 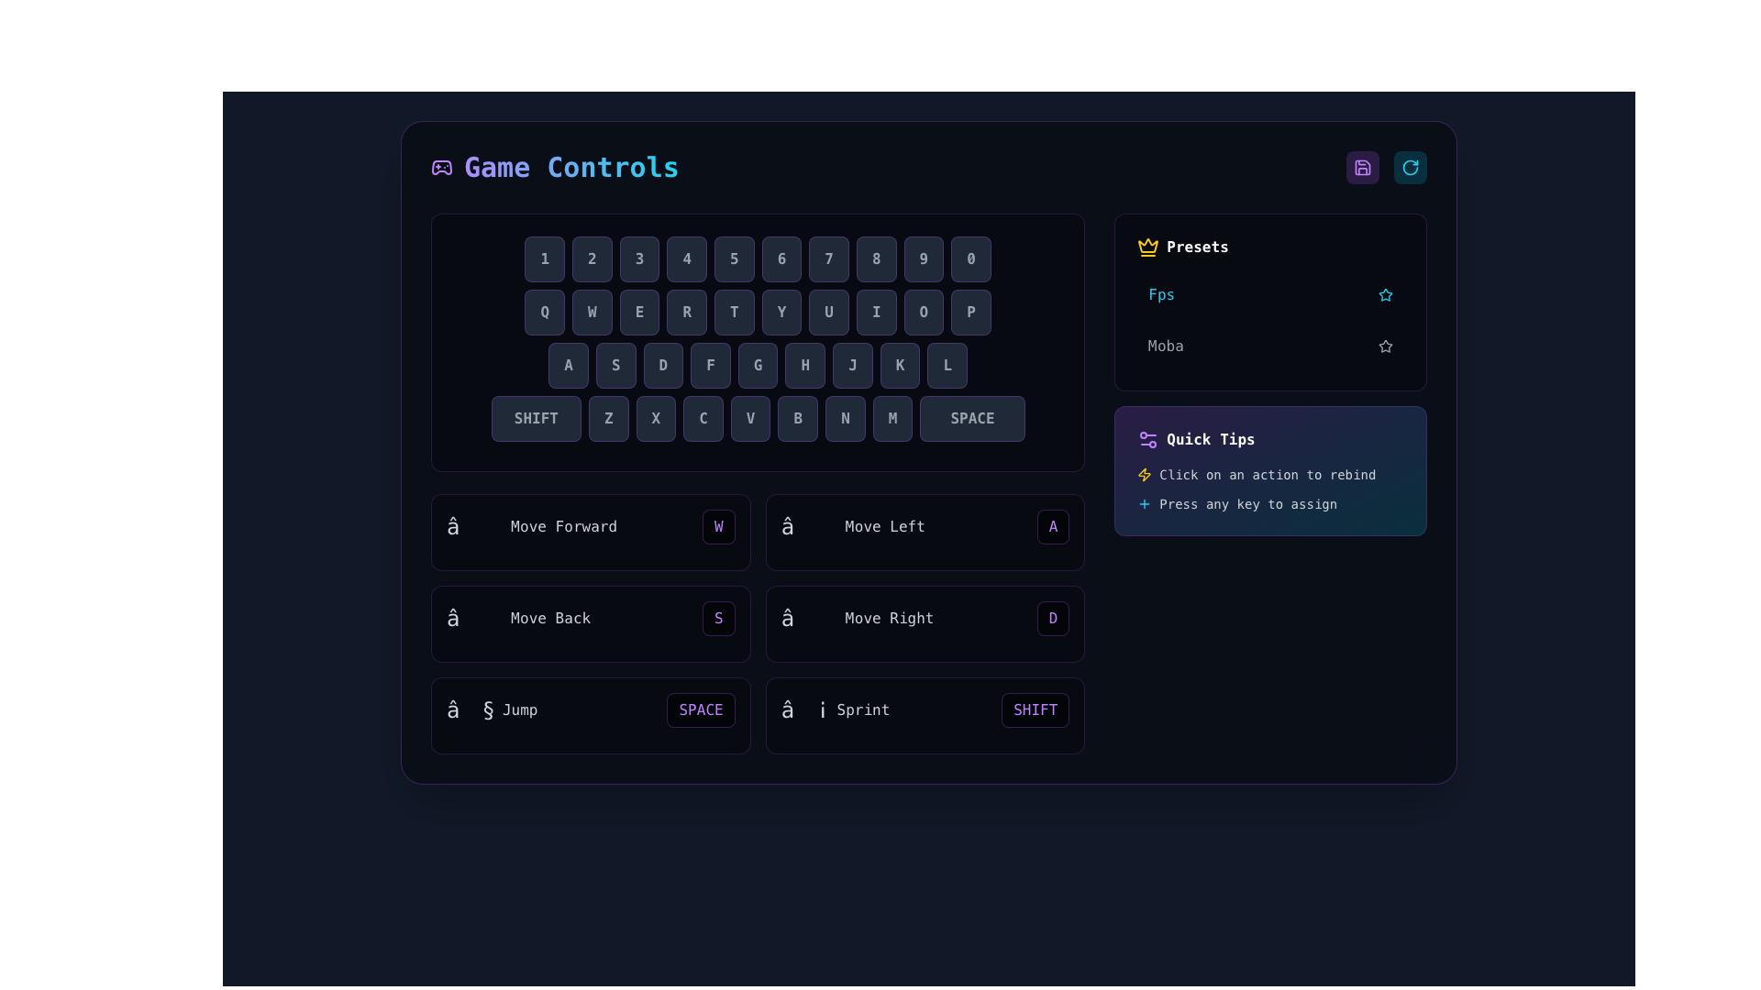 What do you see at coordinates (608, 418) in the screenshot?
I see `the virtual keyboard key located between 'SHIFT' and 'X' in the bottom row of the virtual keyboard layout` at bounding box center [608, 418].